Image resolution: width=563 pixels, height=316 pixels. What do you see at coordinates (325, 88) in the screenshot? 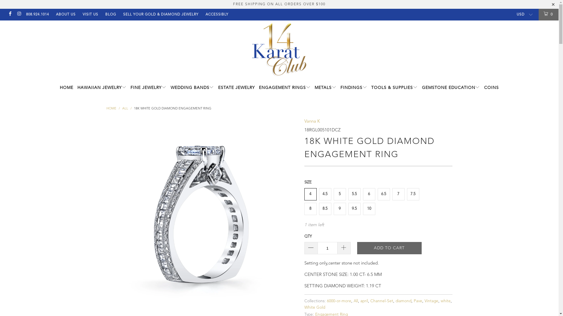
I see `'METALS'` at bounding box center [325, 88].